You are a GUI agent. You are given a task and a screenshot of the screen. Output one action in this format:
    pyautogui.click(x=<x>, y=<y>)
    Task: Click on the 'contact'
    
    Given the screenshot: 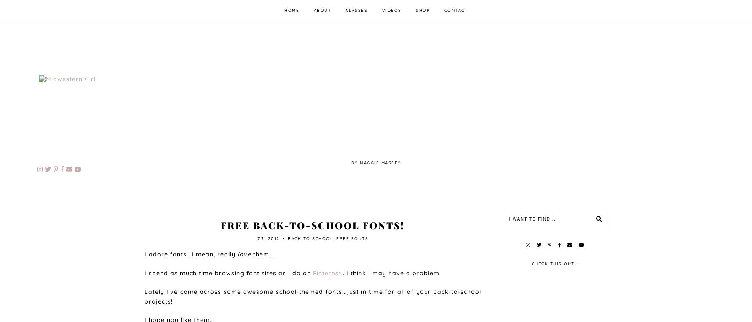 What is the action you would take?
    pyautogui.click(x=444, y=10)
    